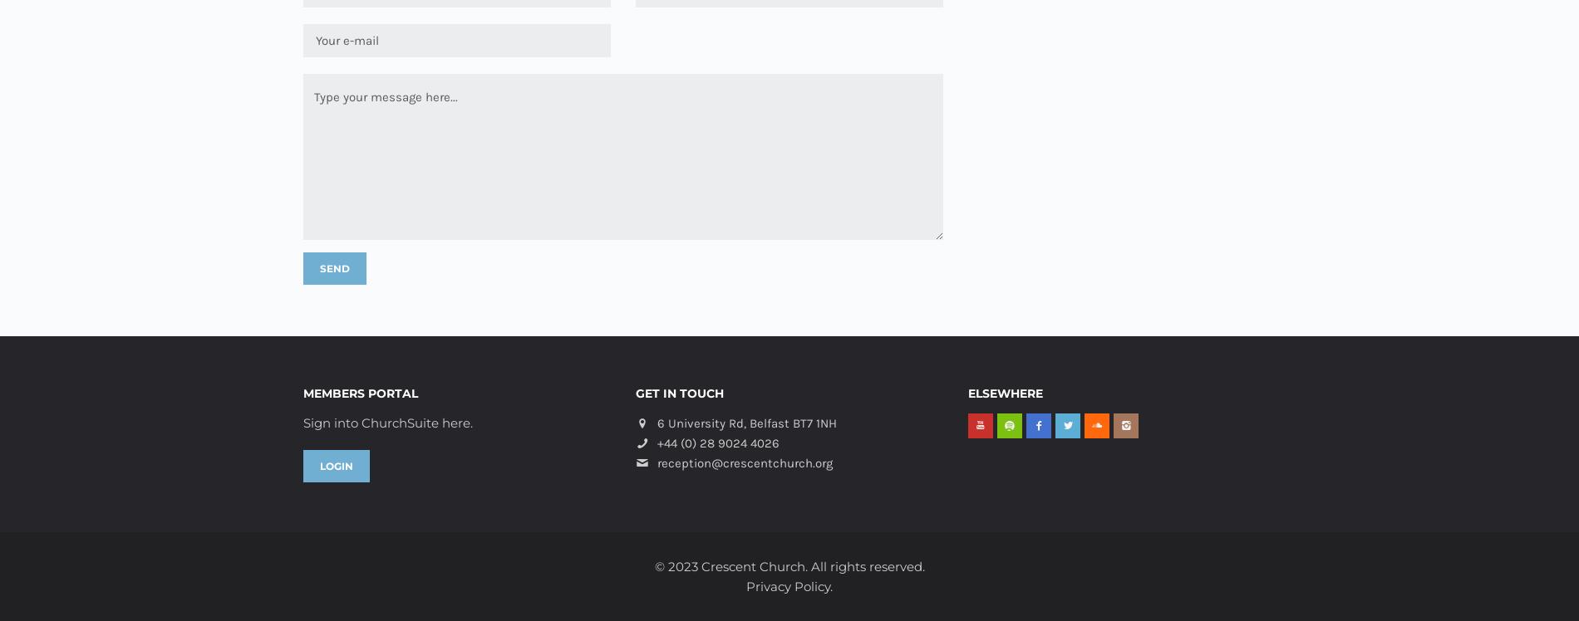  What do you see at coordinates (716, 442) in the screenshot?
I see `'+44 (0) 28 9024 4026'` at bounding box center [716, 442].